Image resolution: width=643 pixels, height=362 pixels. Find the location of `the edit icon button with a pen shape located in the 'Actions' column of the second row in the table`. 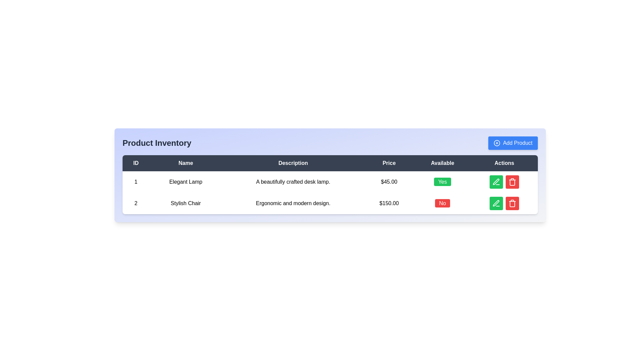

the edit icon button with a pen shape located in the 'Actions' column of the second row in the table is located at coordinates (496, 182).